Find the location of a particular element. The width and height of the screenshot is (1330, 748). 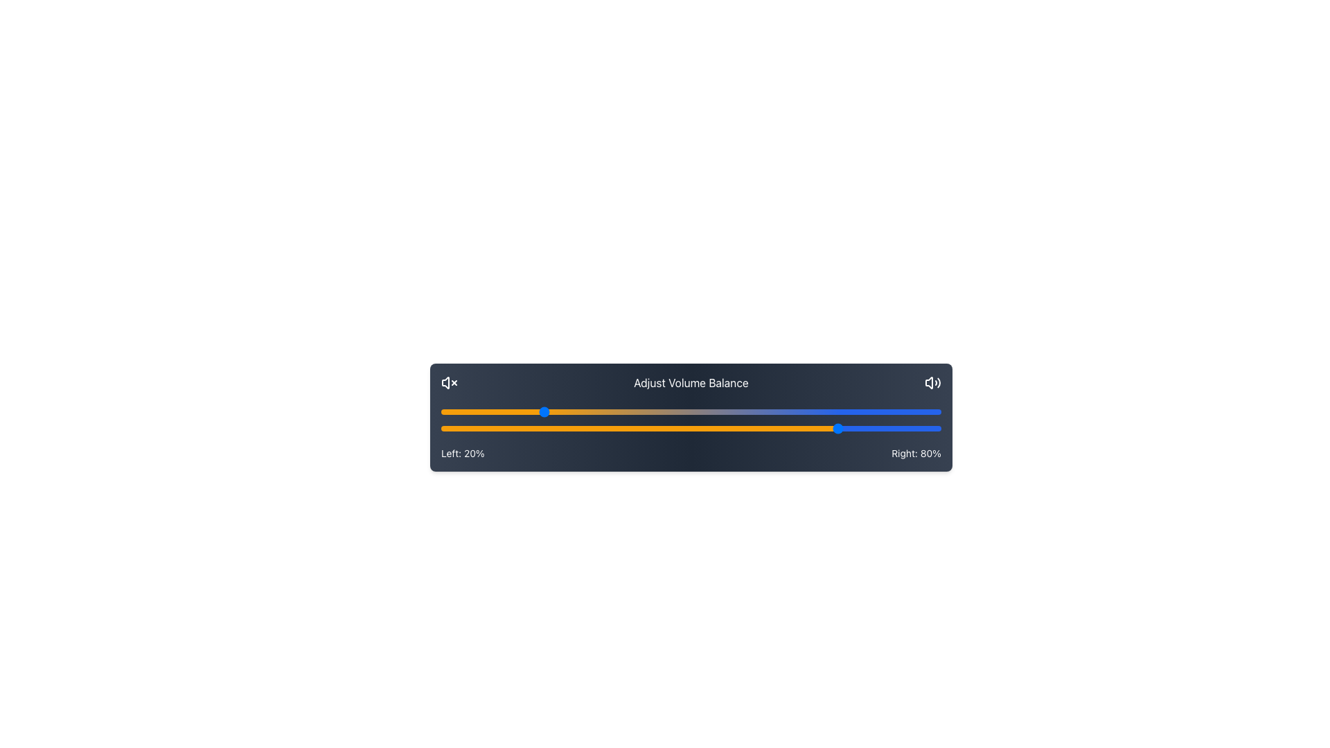

the left balance is located at coordinates (676, 411).